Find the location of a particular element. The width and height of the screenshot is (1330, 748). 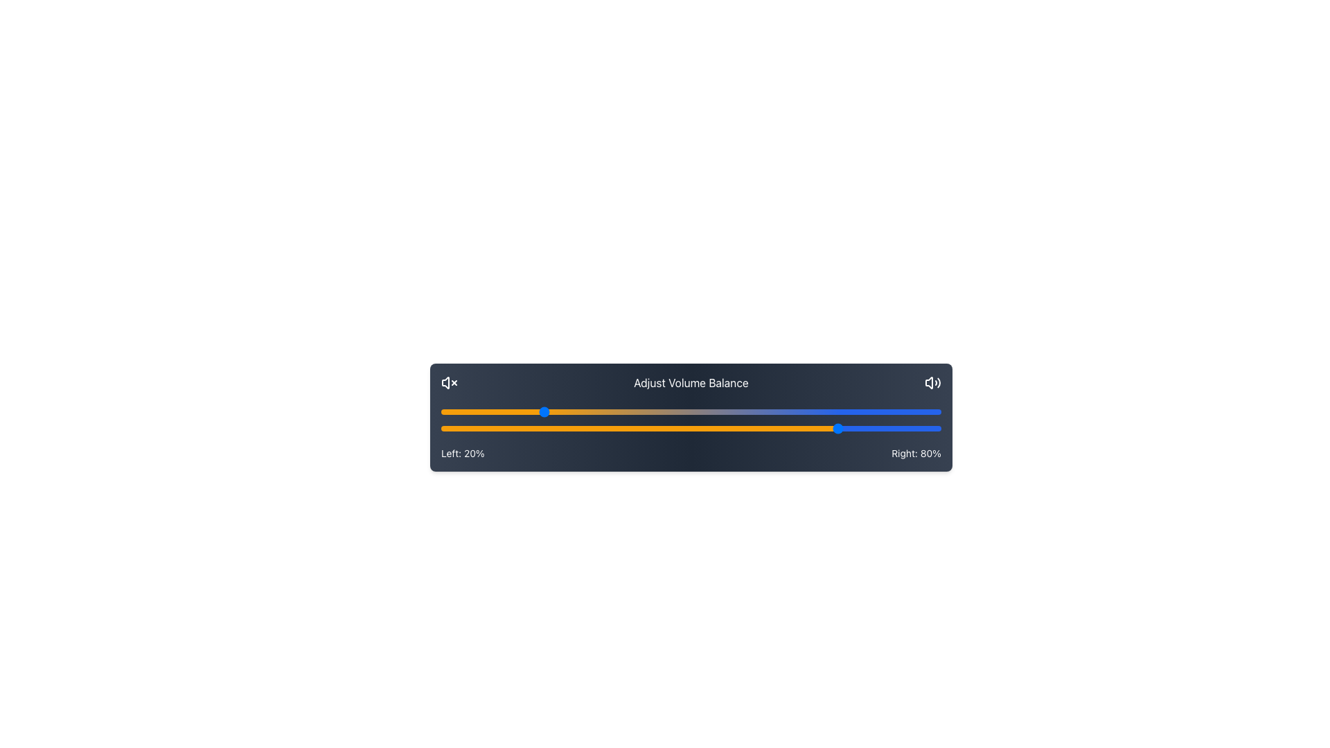

the left balance is located at coordinates (676, 411).